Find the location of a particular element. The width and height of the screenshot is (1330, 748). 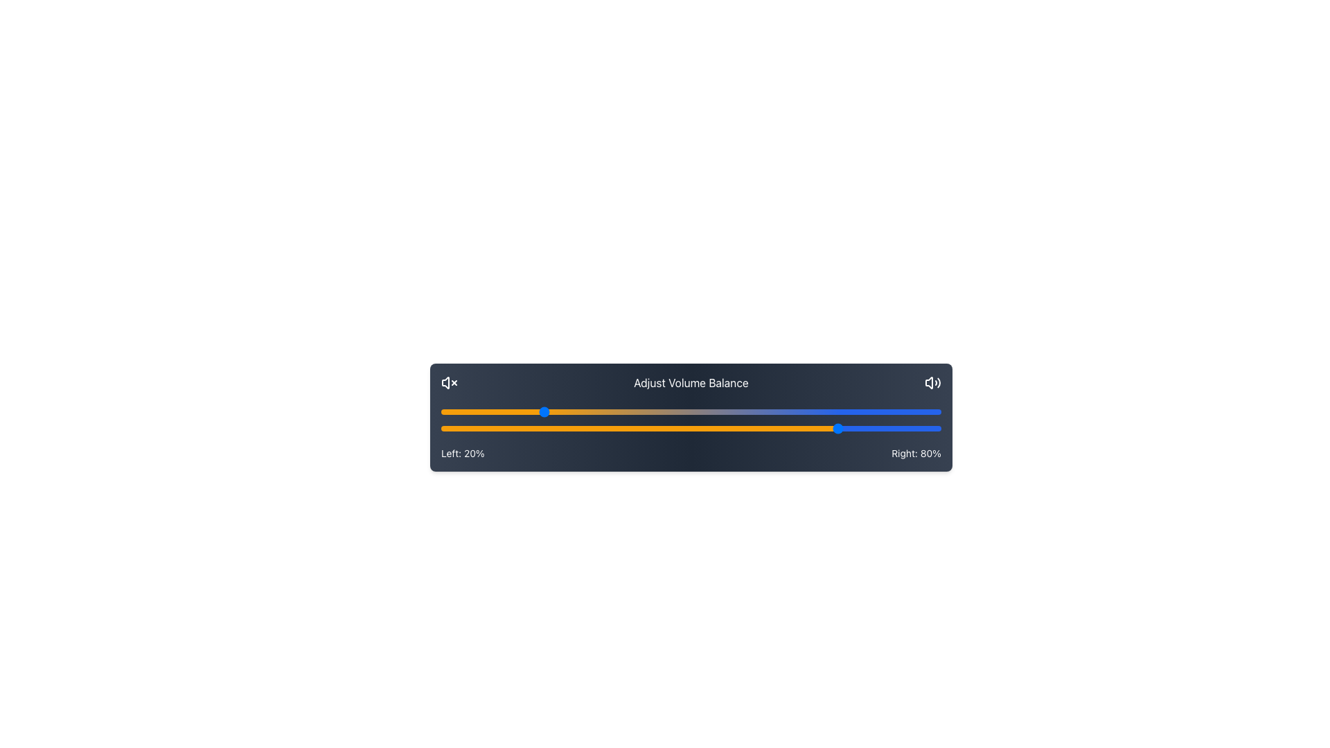

the left balance is located at coordinates (676, 411).